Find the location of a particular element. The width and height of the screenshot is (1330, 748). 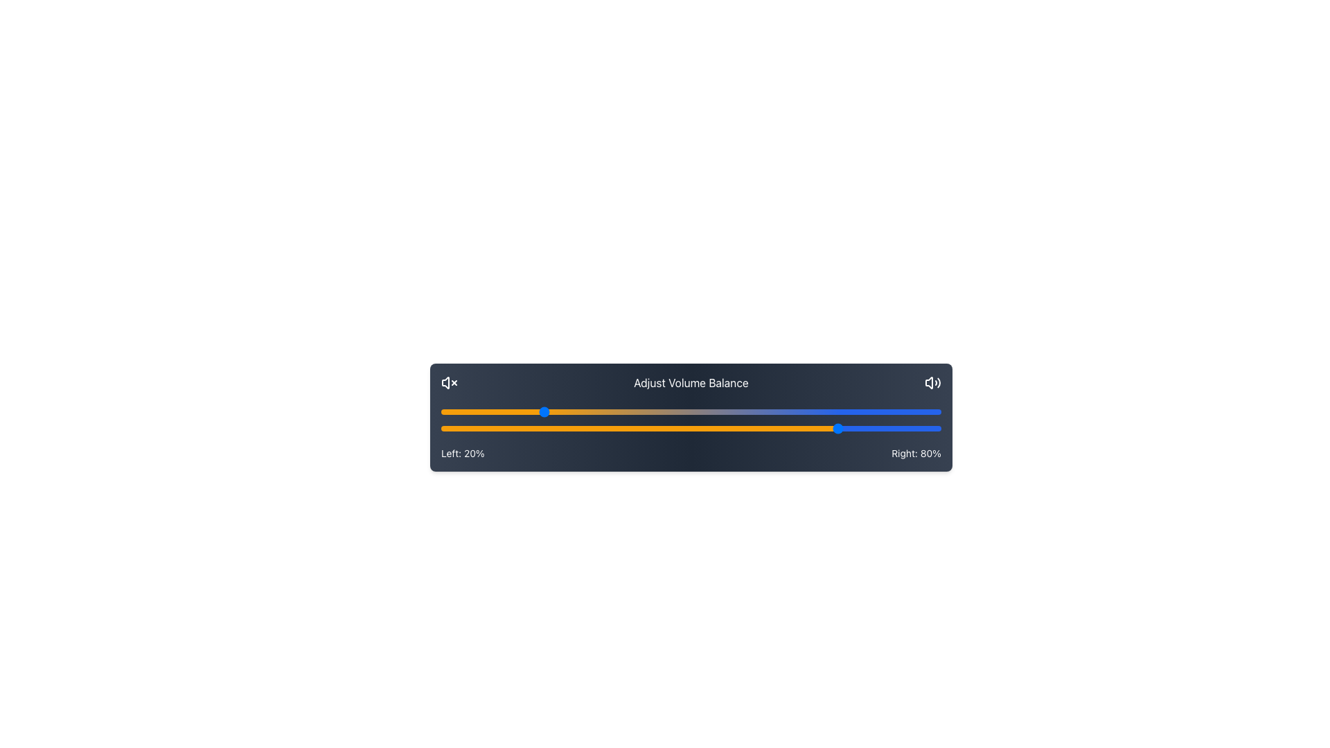

the left balance is located at coordinates (676, 411).